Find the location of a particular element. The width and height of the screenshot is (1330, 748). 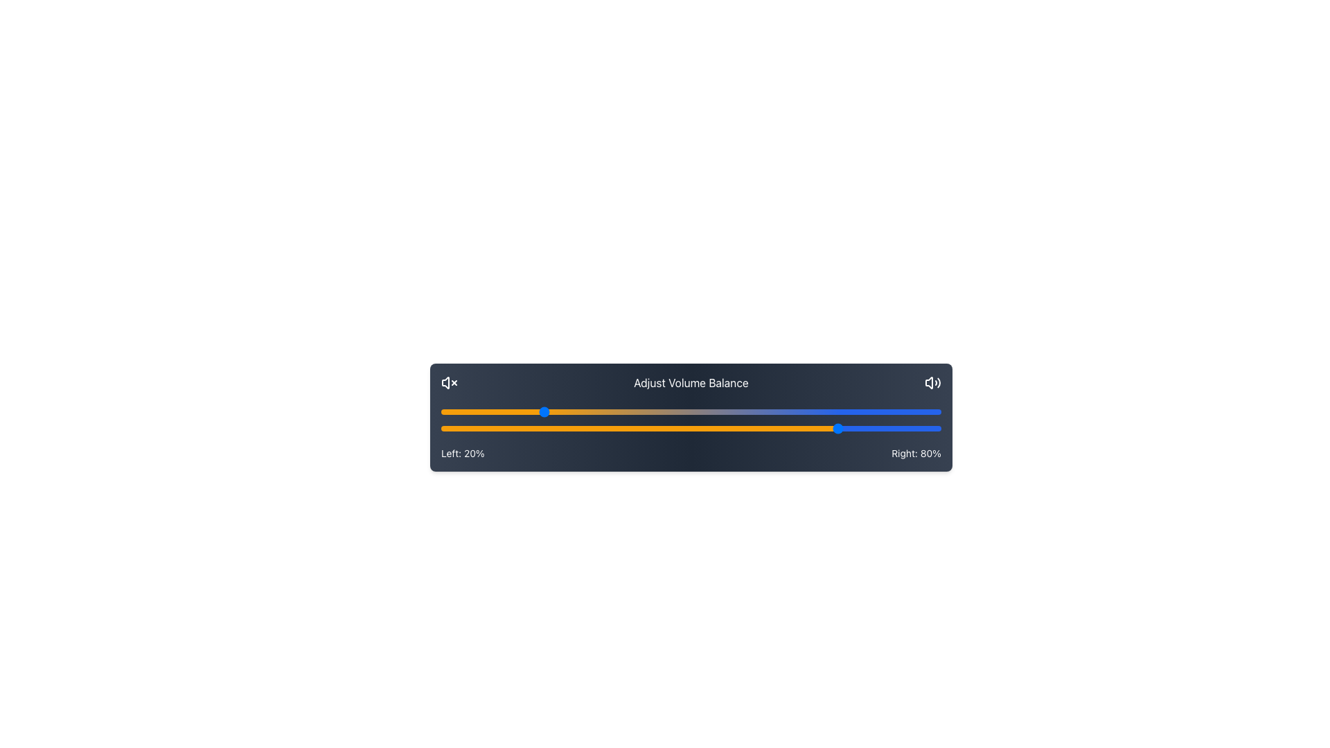

the left balance is located at coordinates (676, 411).